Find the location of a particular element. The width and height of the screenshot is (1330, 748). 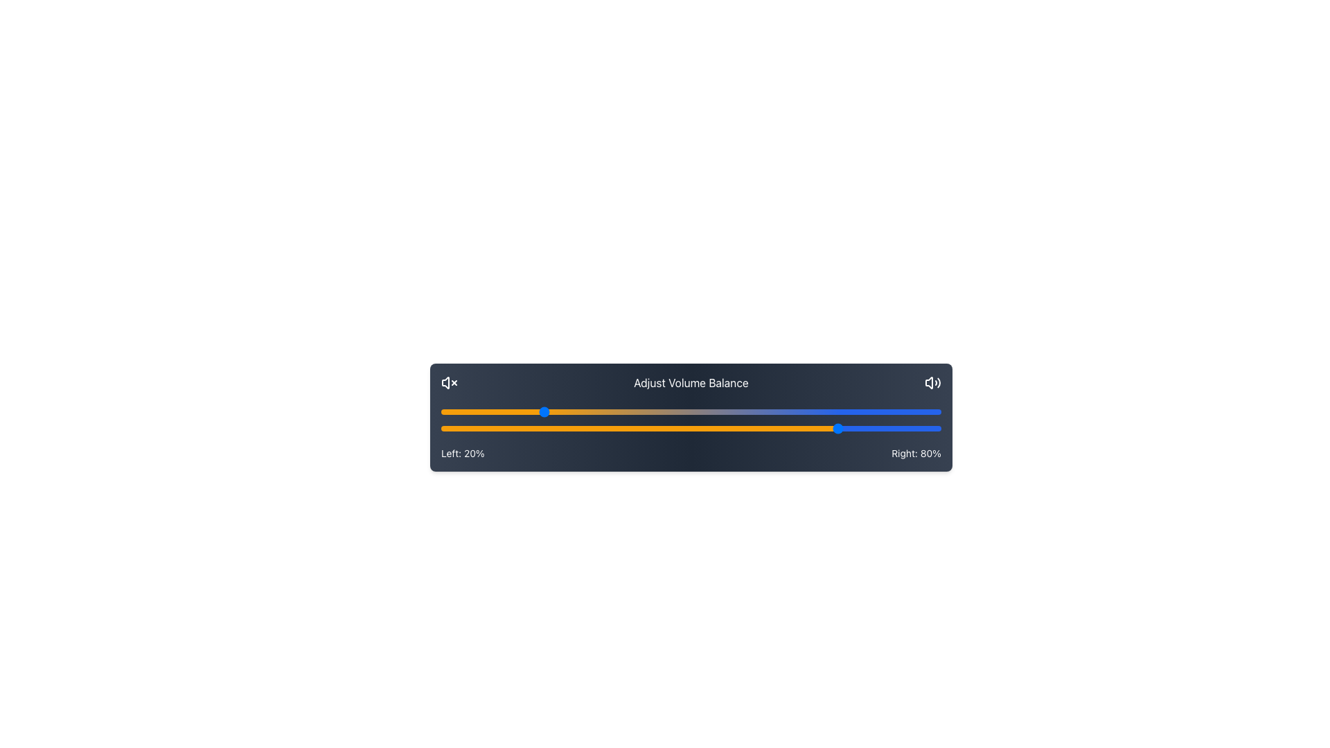

the left balance is located at coordinates (676, 411).